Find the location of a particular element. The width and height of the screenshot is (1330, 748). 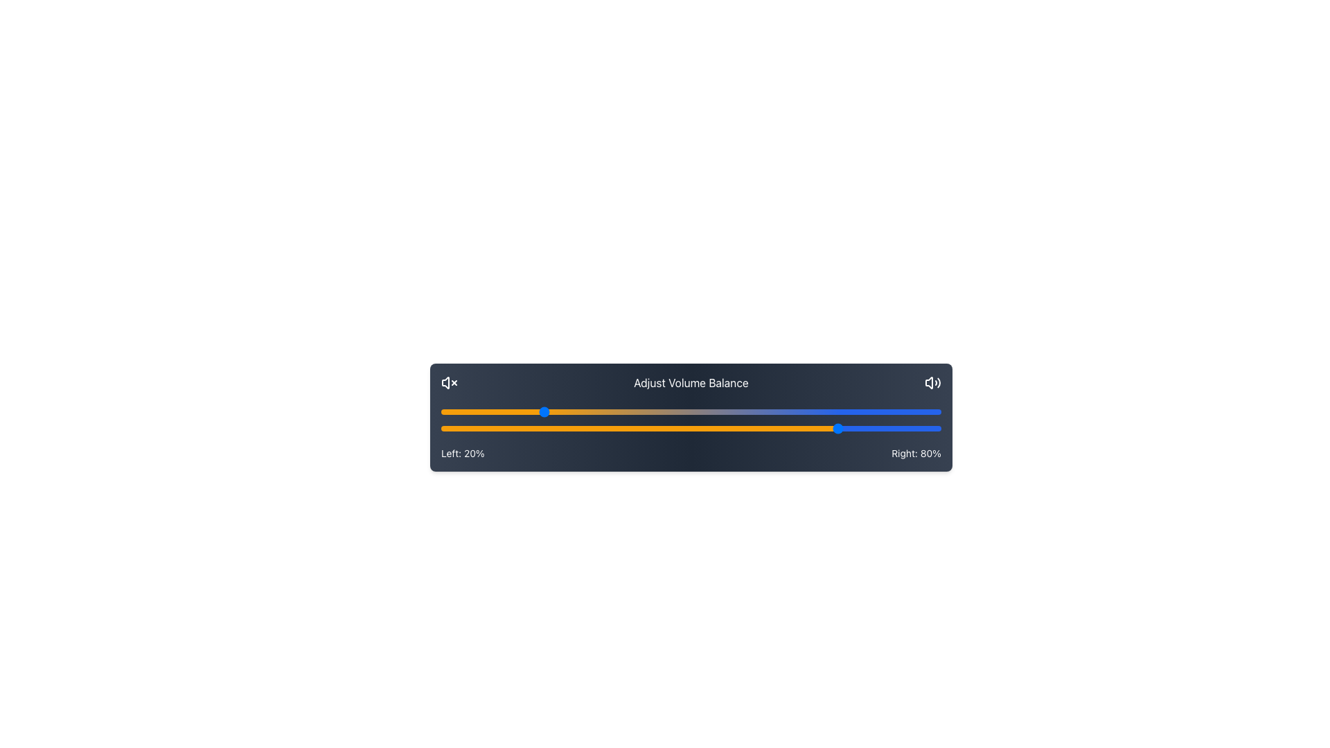

the left balance is located at coordinates (676, 411).